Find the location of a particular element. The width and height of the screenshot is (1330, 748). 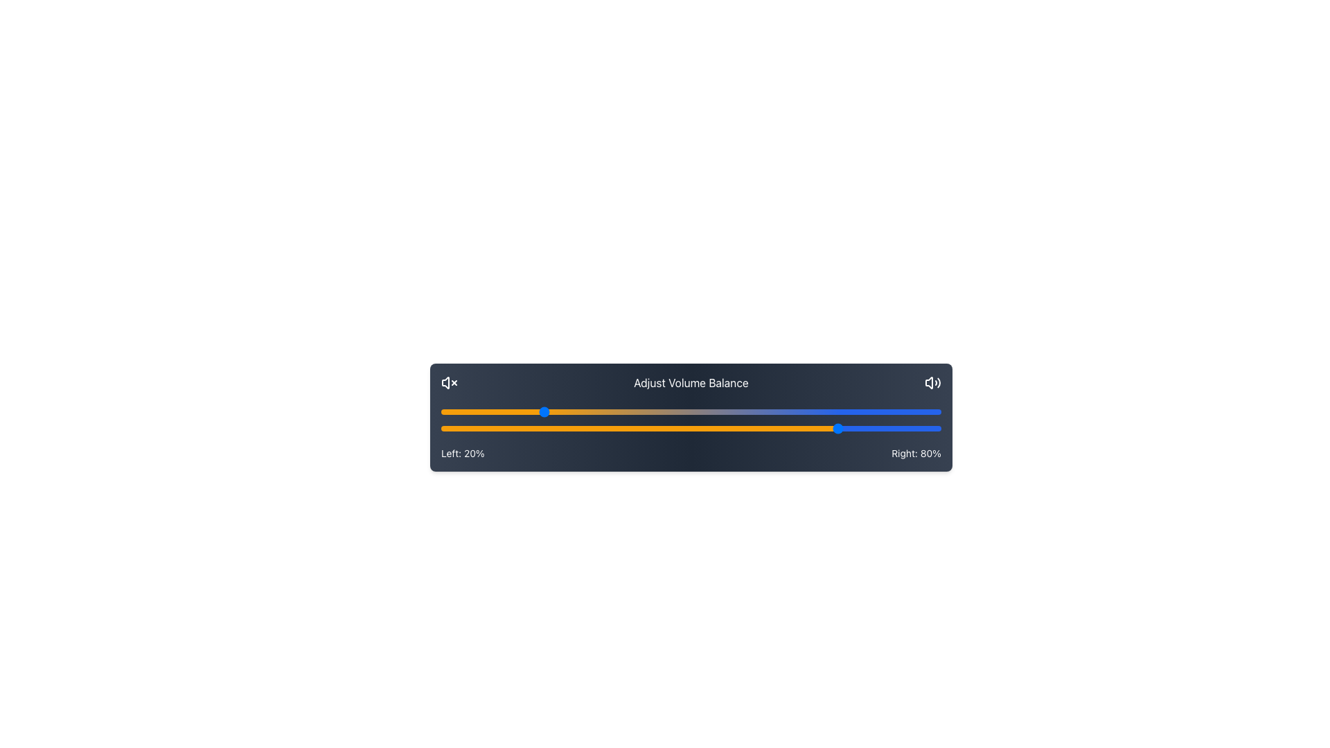

the left balance is located at coordinates (676, 411).